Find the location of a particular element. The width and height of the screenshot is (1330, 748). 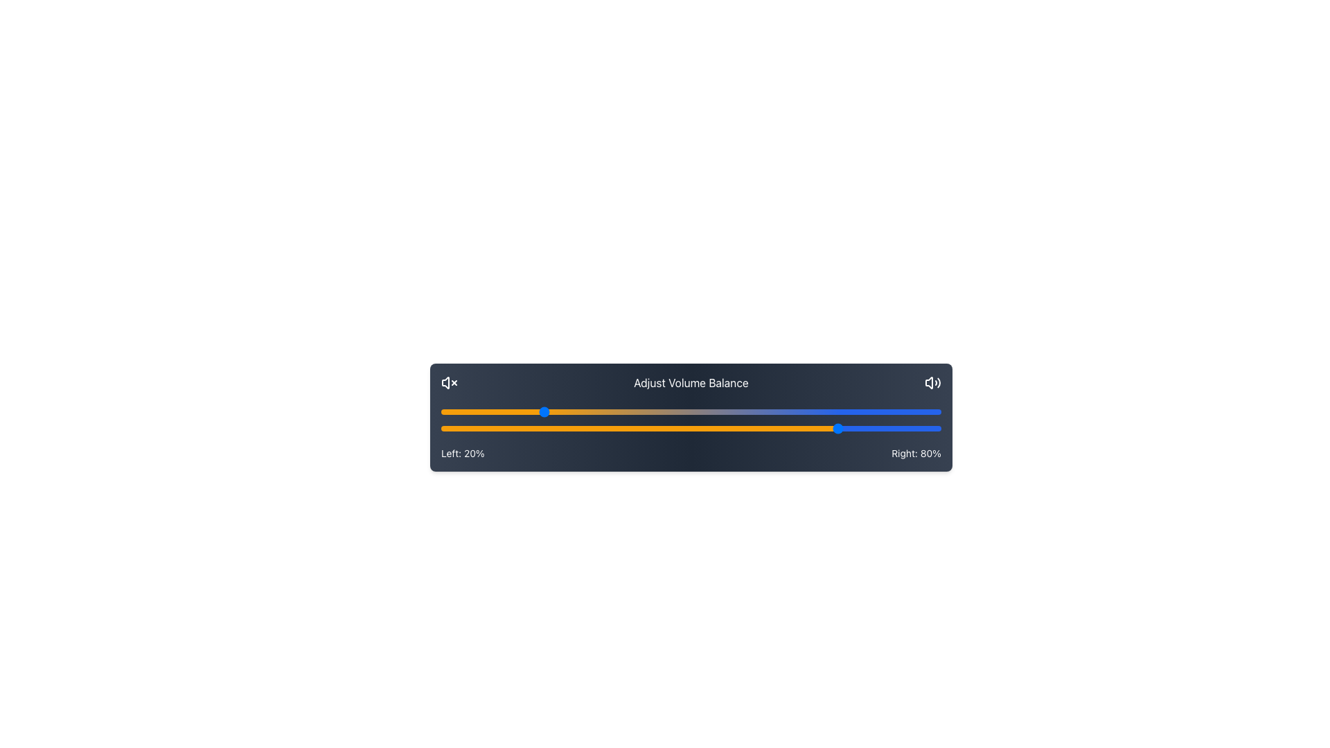

the left balance is located at coordinates (676, 411).